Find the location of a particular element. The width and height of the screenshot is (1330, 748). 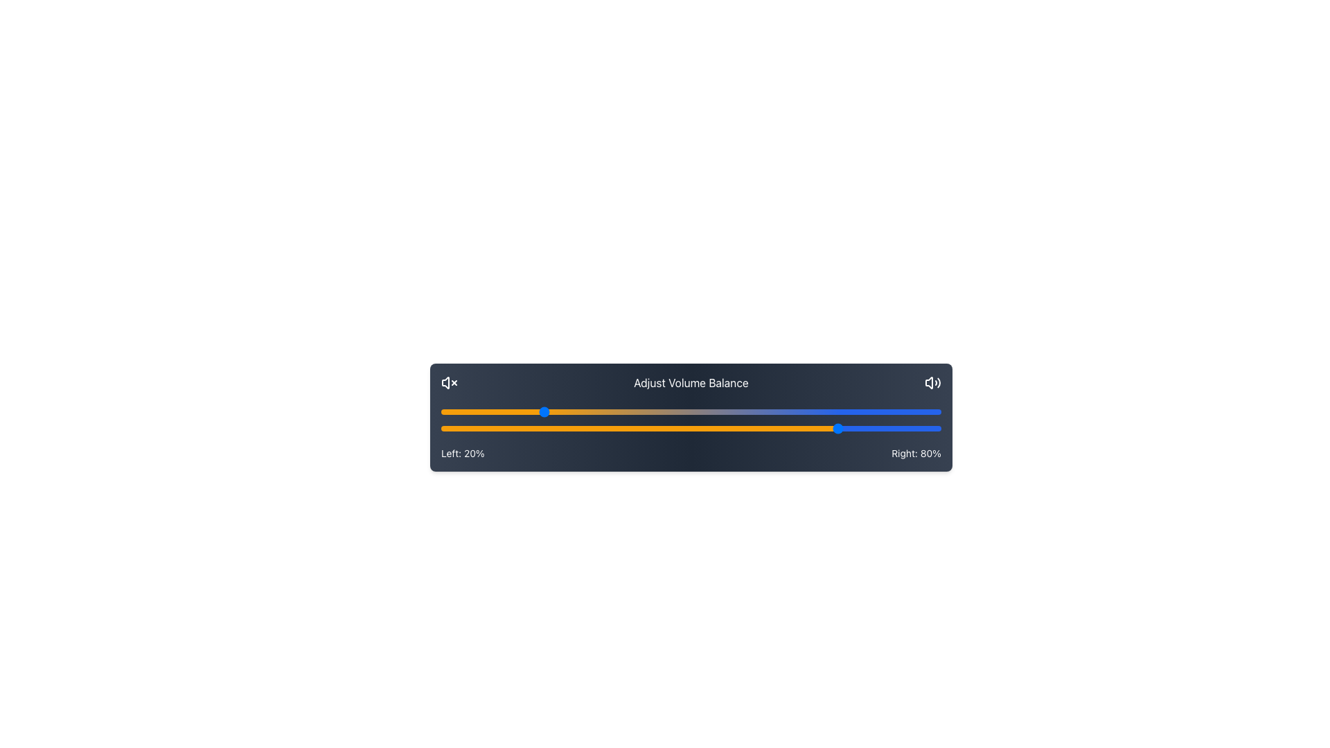

the left balance is located at coordinates (676, 411).